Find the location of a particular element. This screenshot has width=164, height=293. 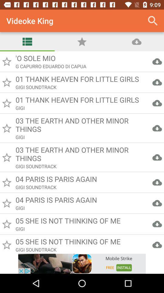

site is located at coordinates (82, 263).